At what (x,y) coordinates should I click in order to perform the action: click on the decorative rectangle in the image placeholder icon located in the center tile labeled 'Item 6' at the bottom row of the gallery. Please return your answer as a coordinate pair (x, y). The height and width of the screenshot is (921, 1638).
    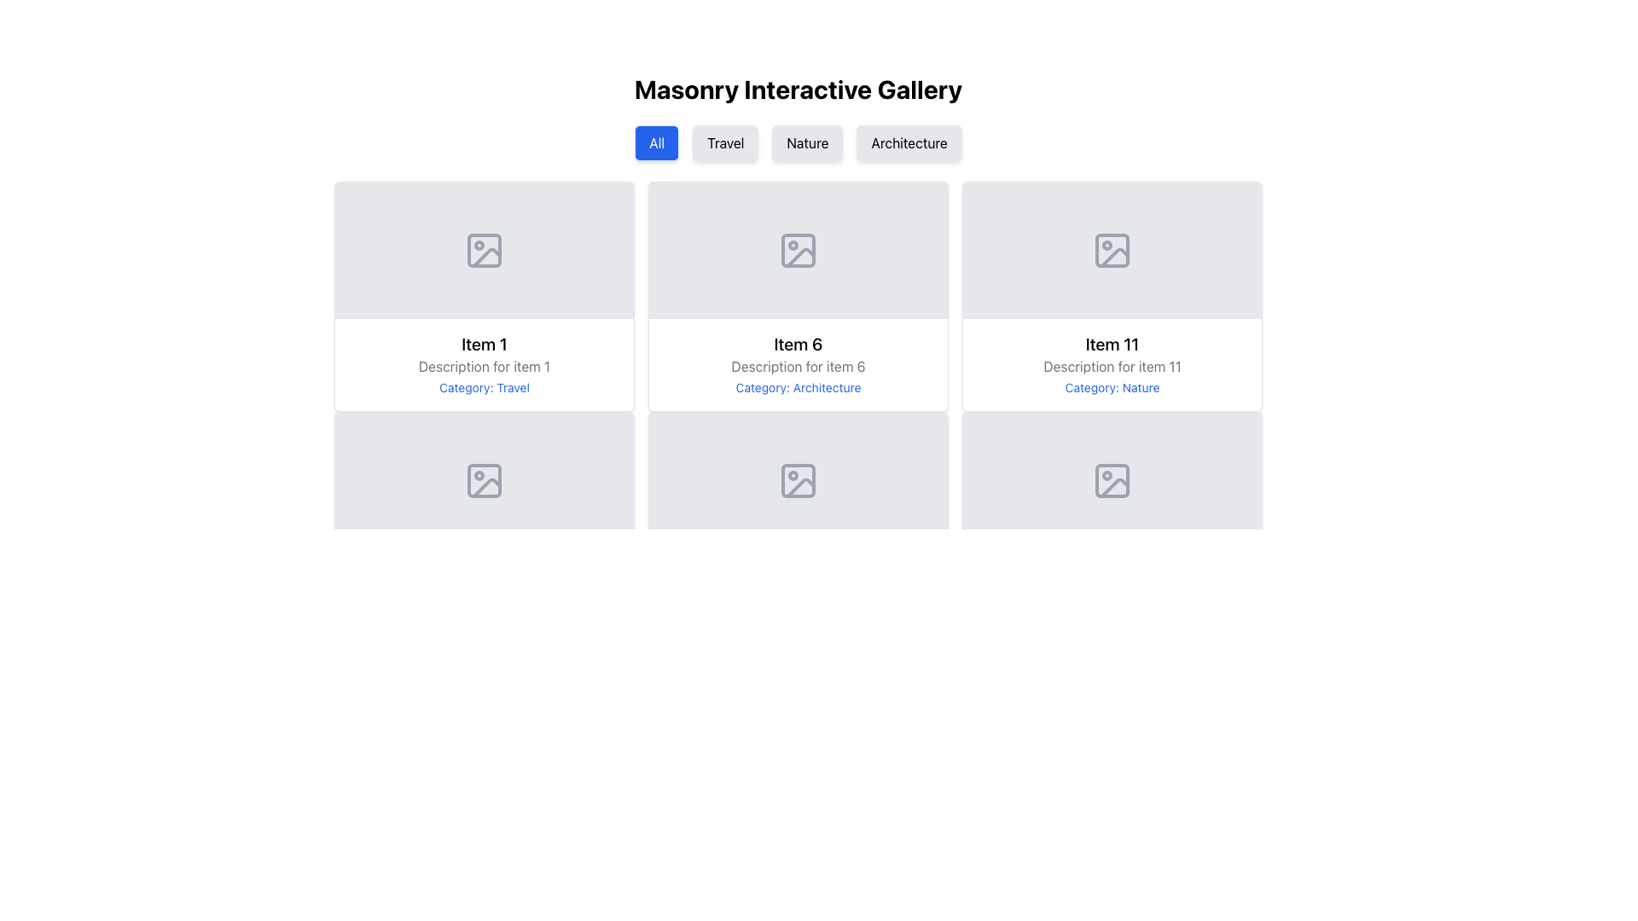
    Looking at the image, I should click on (798, 480).